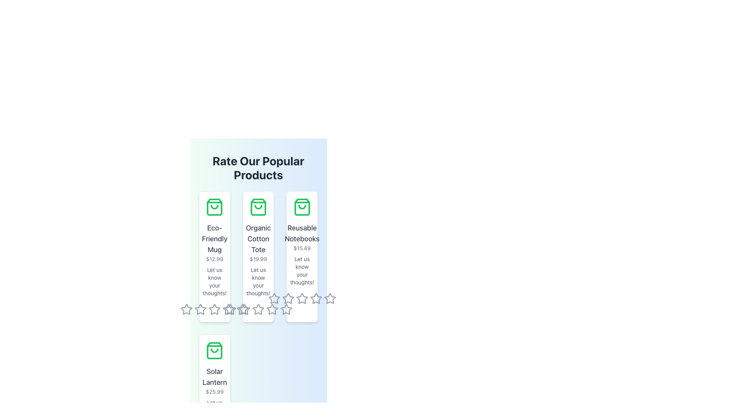 Image resolution: width=745 pixels, height=419 pixels. Describe the element at coordinates (244, 309) in the screenshot. I see `the third star in the rating bar for the 'Reusable Notebooks' product to indicate a level of satisfaction` at that location.